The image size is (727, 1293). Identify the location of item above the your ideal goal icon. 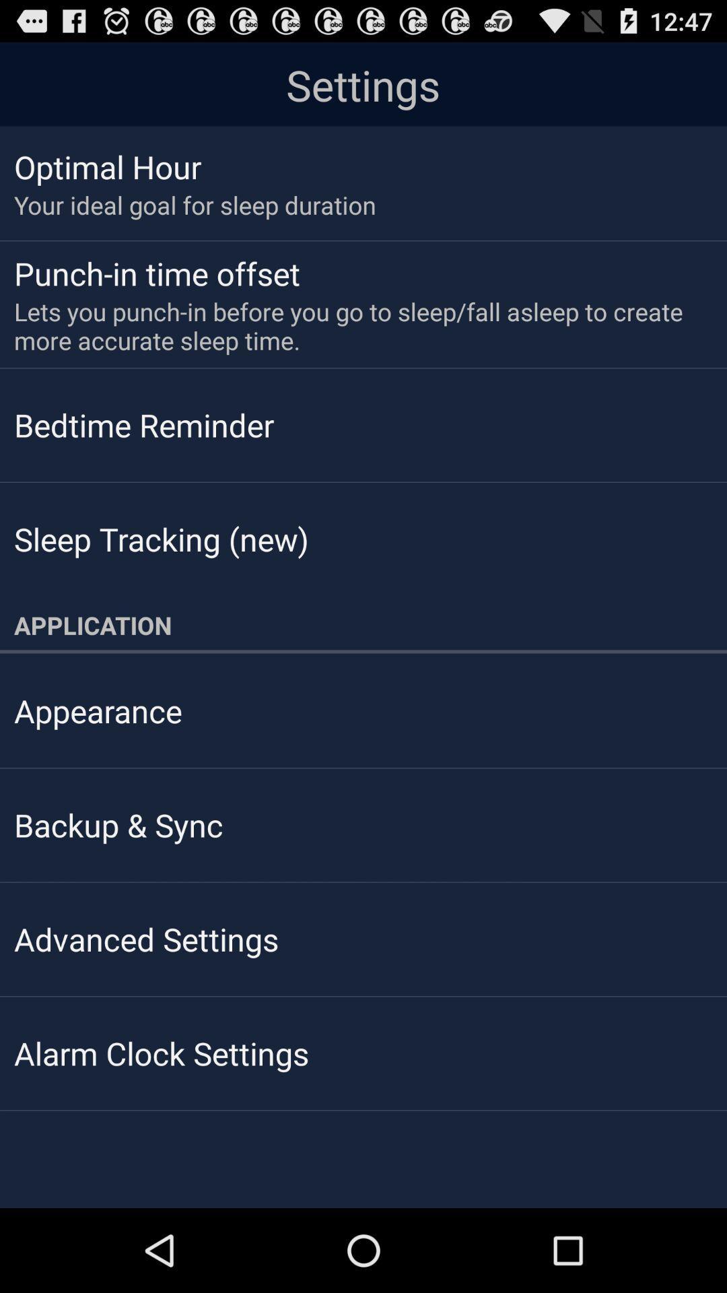
(107, 166).